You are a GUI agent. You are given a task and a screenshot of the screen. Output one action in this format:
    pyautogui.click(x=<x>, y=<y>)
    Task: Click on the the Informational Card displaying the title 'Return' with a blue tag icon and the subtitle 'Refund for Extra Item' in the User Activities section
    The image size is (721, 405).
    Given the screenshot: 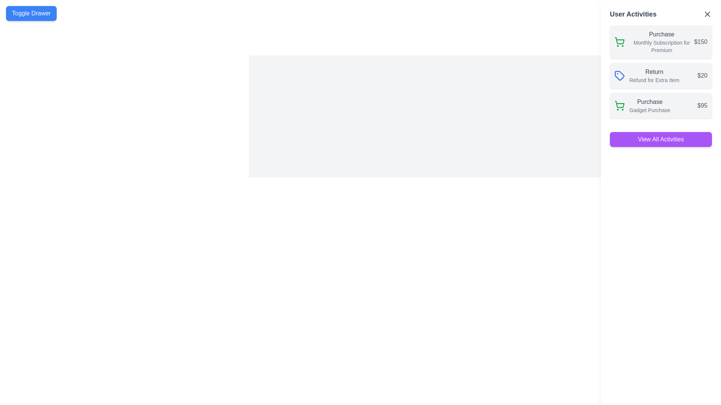 What is the action you would take?
    pyautogui.click(x=661, y=75)
    